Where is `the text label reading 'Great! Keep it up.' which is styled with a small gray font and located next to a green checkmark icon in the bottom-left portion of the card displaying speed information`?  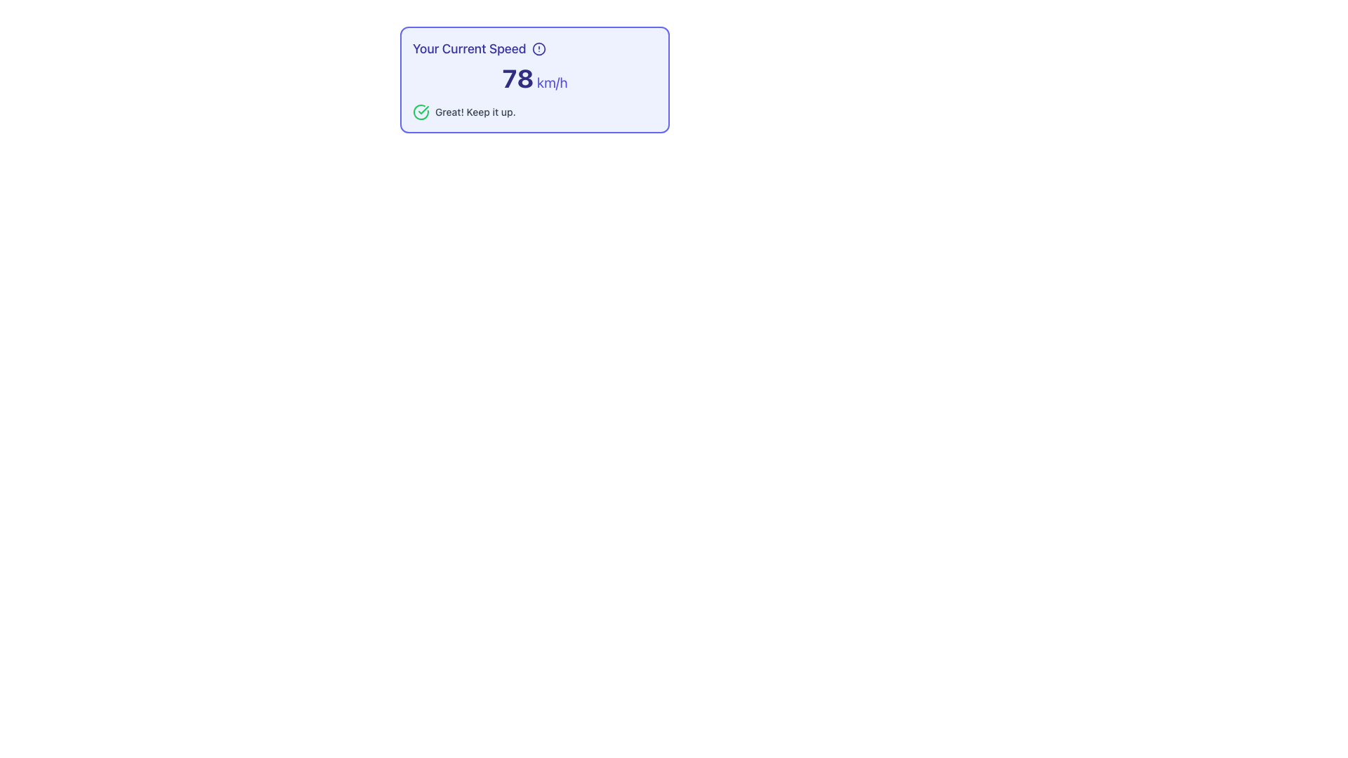 the text label reading 'Great! Keep it up.' which is styled with a small gray font and located next to a green checkmark icon in the bottom-left portion of the card displaying speed information is located at coordinates (475, 111).